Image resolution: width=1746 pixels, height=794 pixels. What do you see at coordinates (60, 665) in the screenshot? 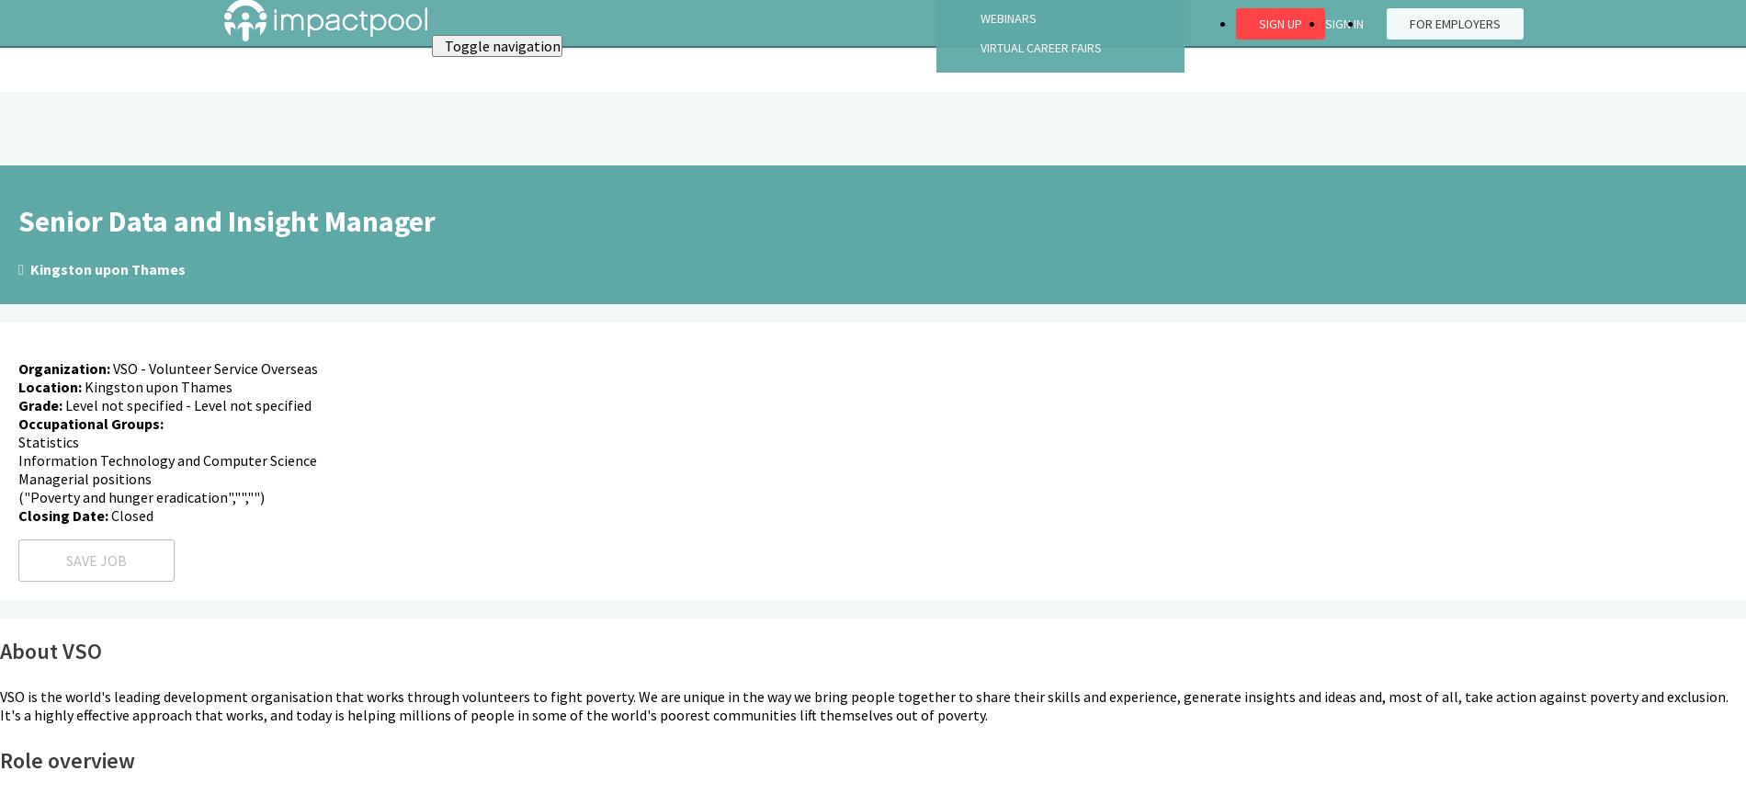
I see `'Addis Ababa'` at bounding box center [60, 665].